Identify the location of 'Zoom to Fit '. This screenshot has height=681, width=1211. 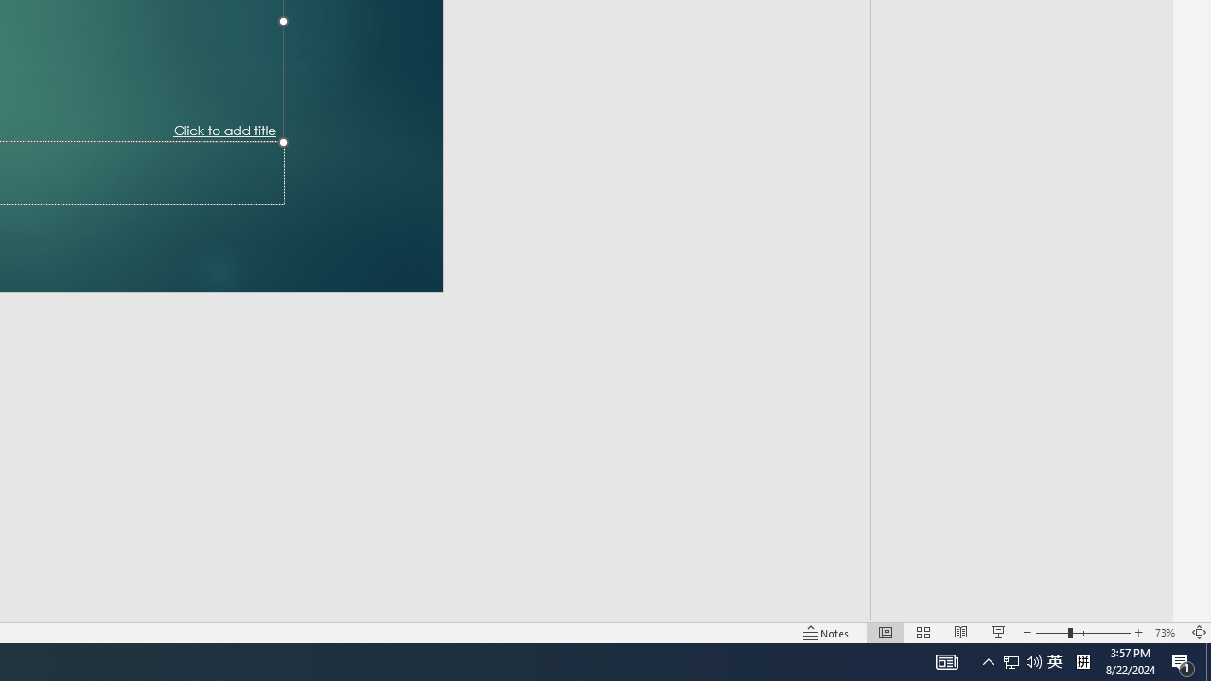
(1183, 660).